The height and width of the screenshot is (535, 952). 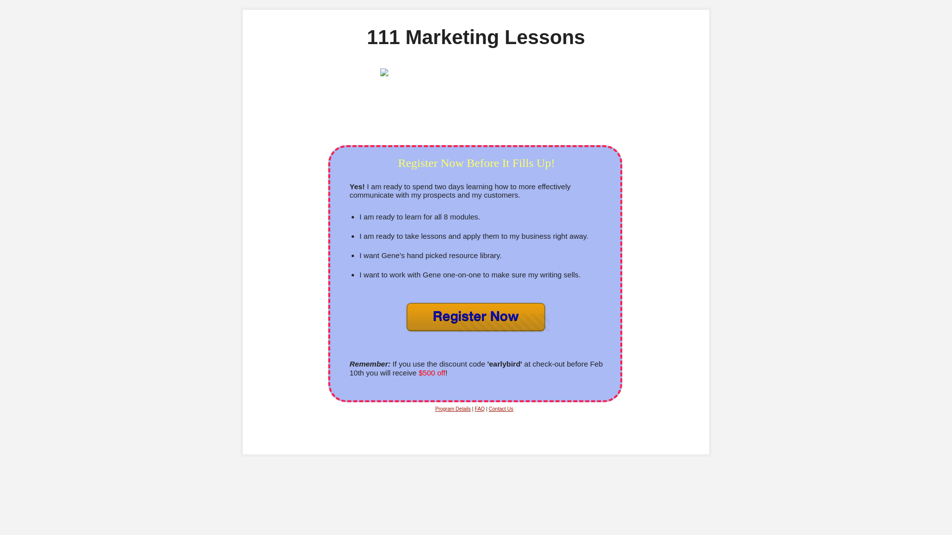 I want to click on 'Contact Us', so click(x=488, y=409).